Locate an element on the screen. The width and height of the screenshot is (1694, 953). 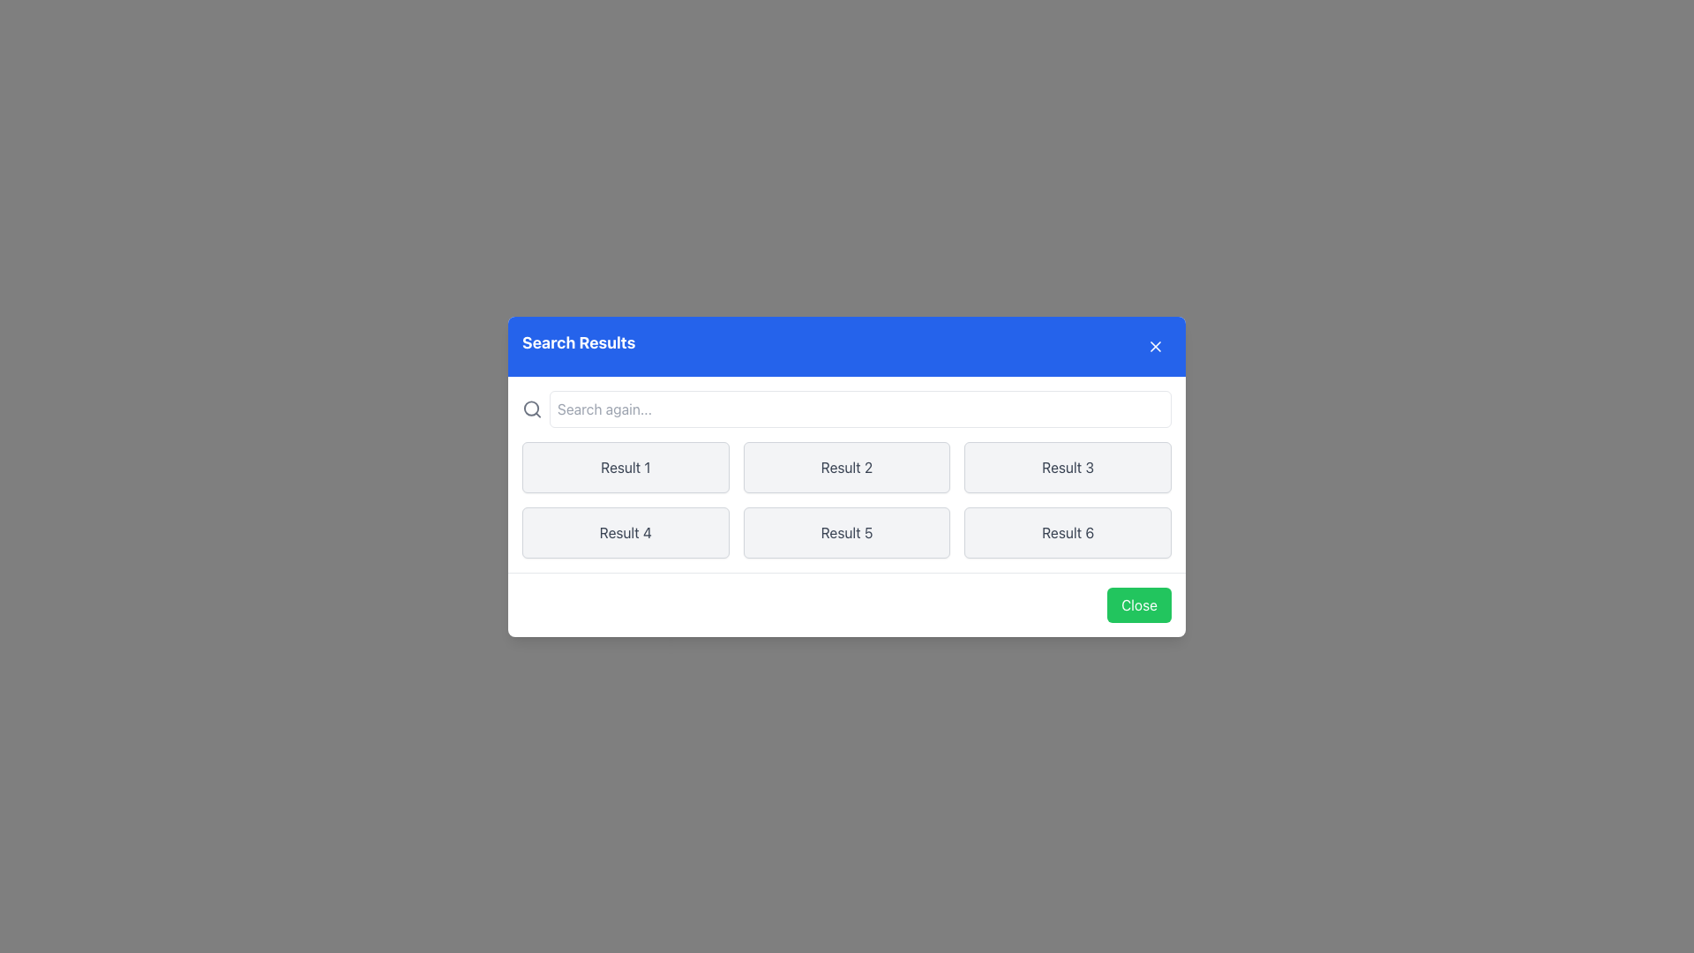
the 'X' shaped button located in the top-right corner of the blue header bar labeled 'Search Results' is located at coordinates (1156, 346).